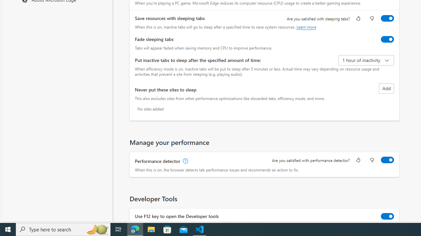 This screenshot has width=421, height=236. I want to click on 'Add site to never put these sites to sleep list', so click(386, 88).